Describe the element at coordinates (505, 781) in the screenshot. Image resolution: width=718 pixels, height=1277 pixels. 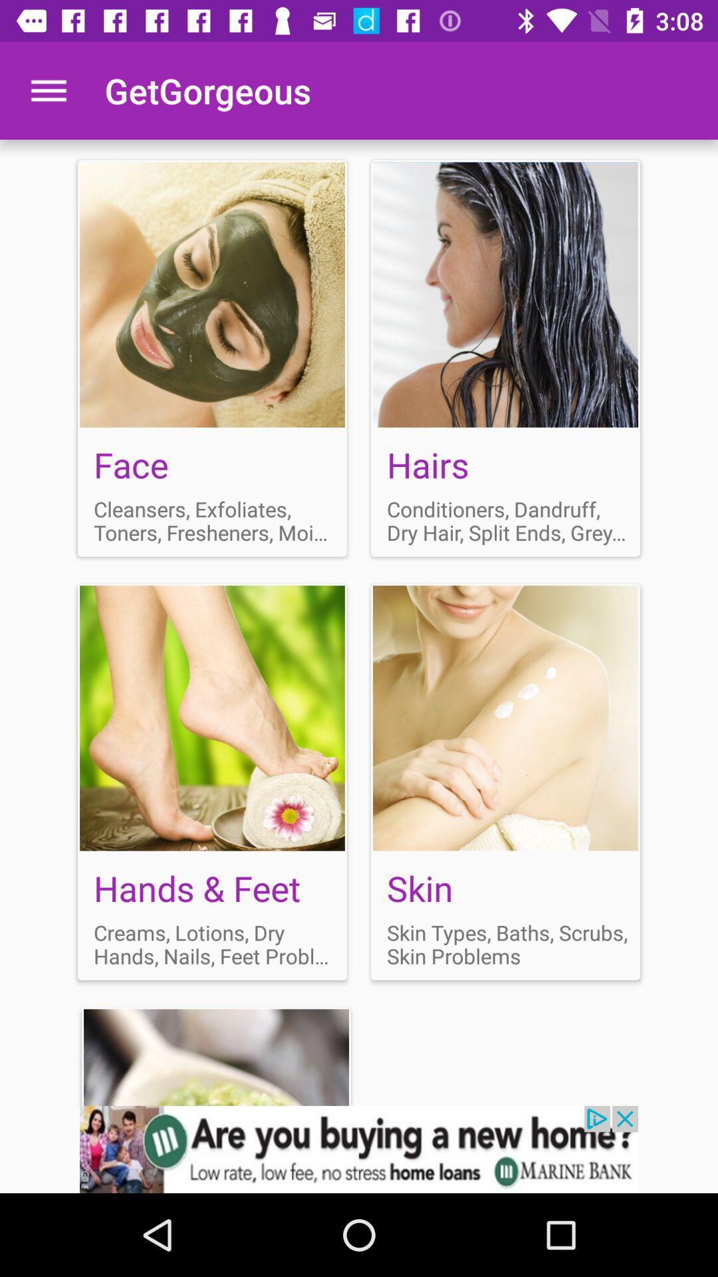
I see `skin skin types baths scrubs skin problems` at that location.